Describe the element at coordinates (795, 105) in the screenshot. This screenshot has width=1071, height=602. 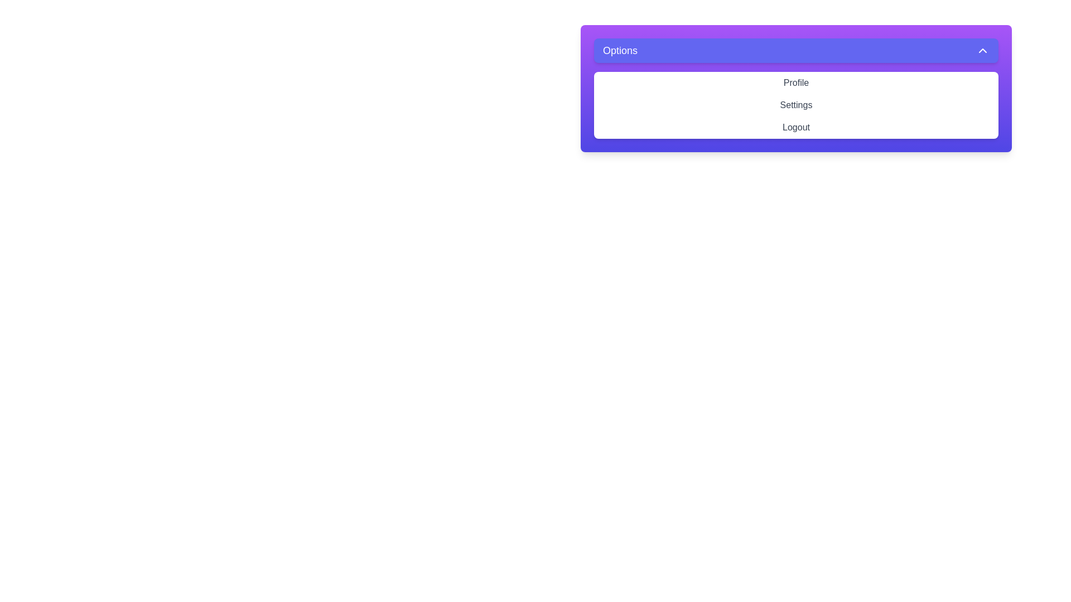
I see `the 'Settings' option in the menu` at that location.